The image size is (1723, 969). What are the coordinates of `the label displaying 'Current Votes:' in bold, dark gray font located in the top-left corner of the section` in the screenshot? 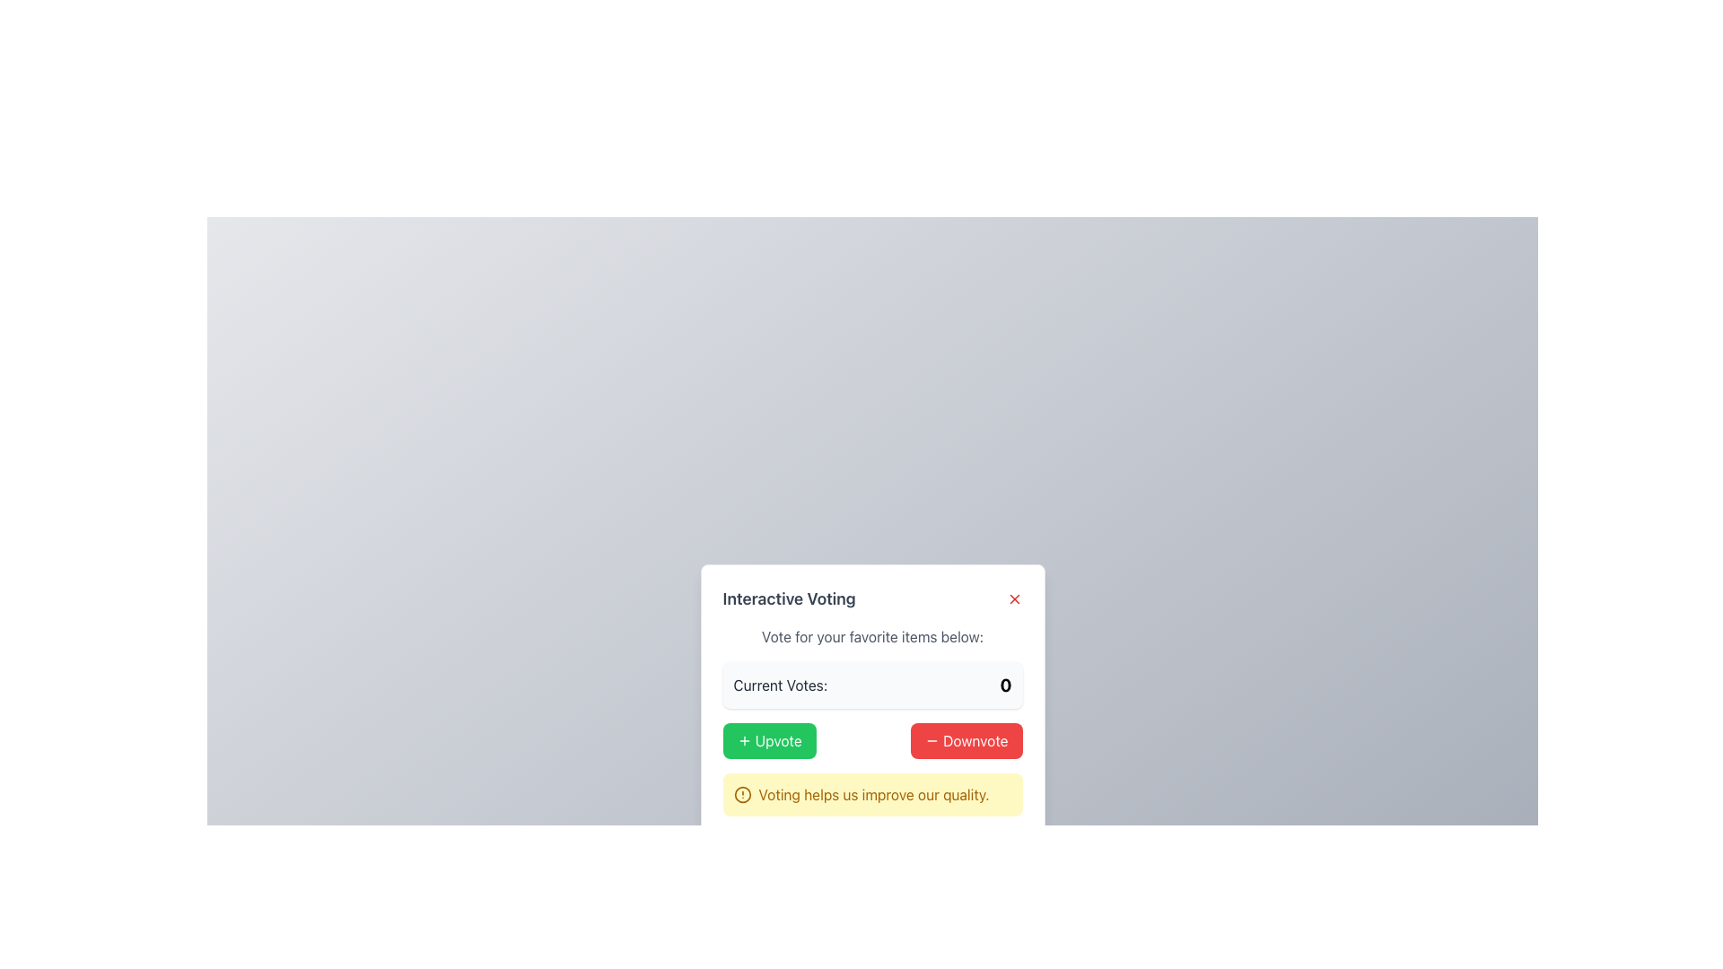 It's located at (780, 685).